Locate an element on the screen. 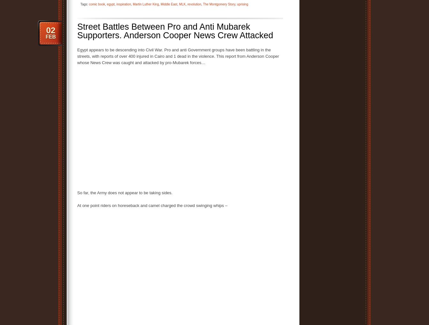 The image size is (429, 325). 'At one point riders on horeseback and camel charged the crowd swinging whips –' is located at coordinates (152, 205).